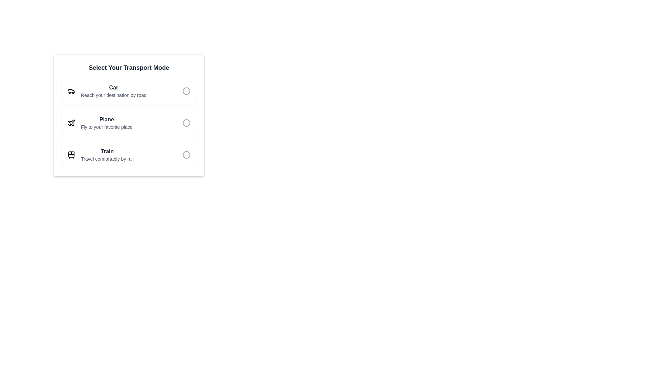 The width and height of the screenshot is (650, 366). I want to click on the 'Plane' transport option icon located to the left of the text 'Plane' in the selection menu, so click(71, 123).